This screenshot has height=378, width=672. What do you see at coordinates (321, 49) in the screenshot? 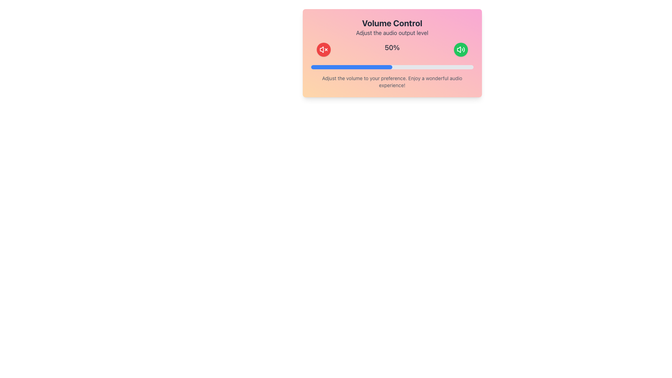
I see `the mute toggle button located within the pink-orange gradient card layout, to the left of the volume percentage display` at bounding box center [321, 49].